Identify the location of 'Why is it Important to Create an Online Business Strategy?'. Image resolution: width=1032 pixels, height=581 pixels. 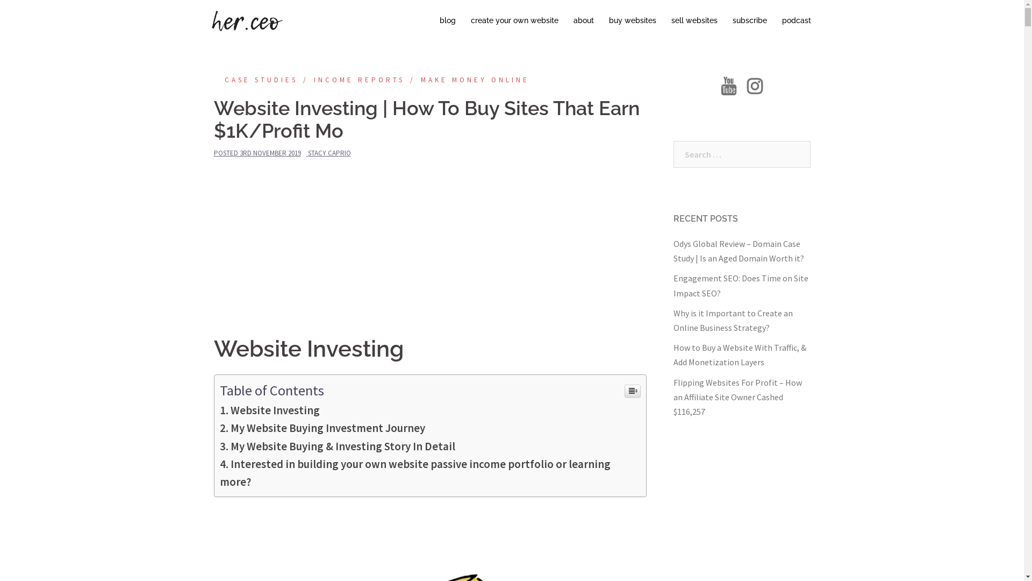
(732, 320).